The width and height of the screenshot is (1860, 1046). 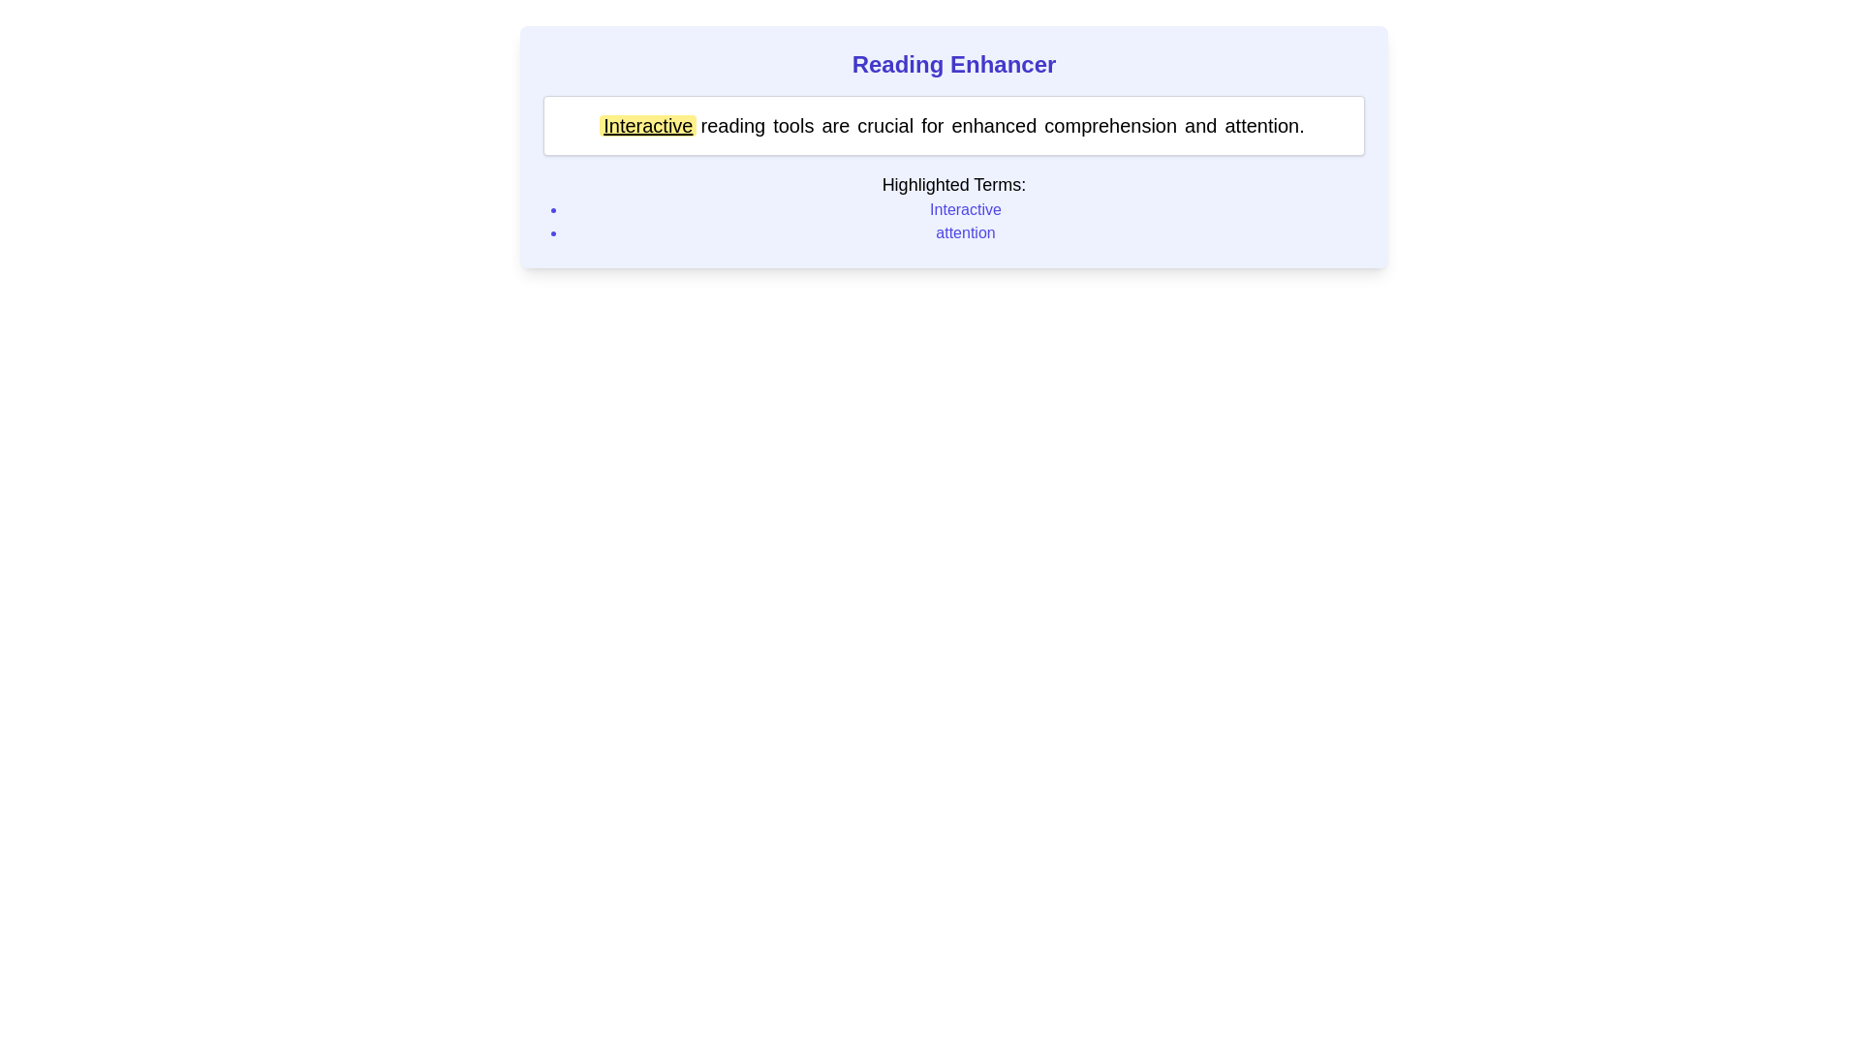 What do you see at coordinates (932, 126) in the screenshot?
I see `the text segment reading 'for', which is located between 'crucial' and 'enhanced' in a standard font style` at bounding box center [932, 126].